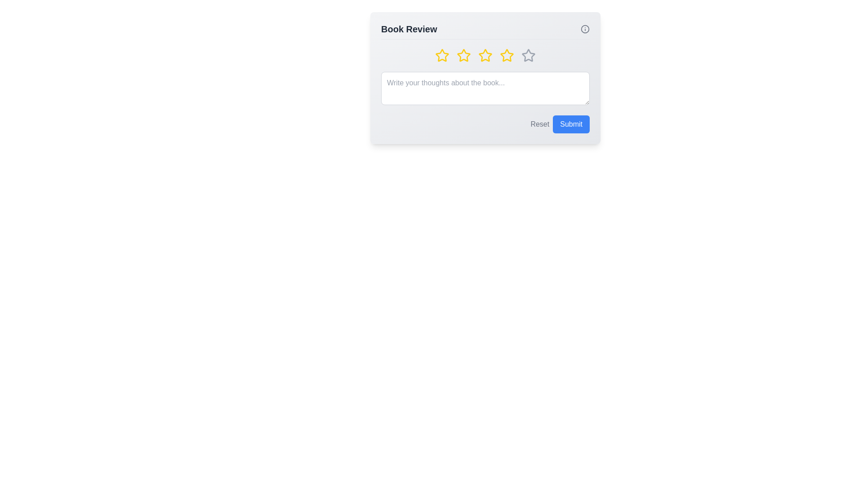  I want to click on the star corresponding to the desired rating 3, so click(485, 55).